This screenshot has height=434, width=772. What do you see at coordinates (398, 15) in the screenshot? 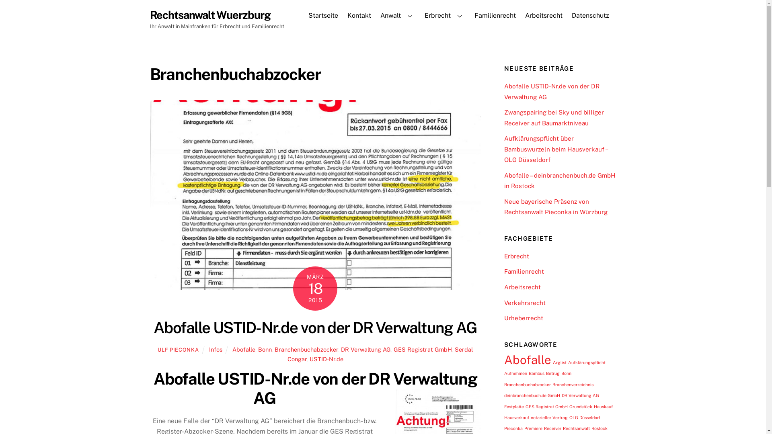
I see `'Anwalt'` at bounding box center [398, 15].